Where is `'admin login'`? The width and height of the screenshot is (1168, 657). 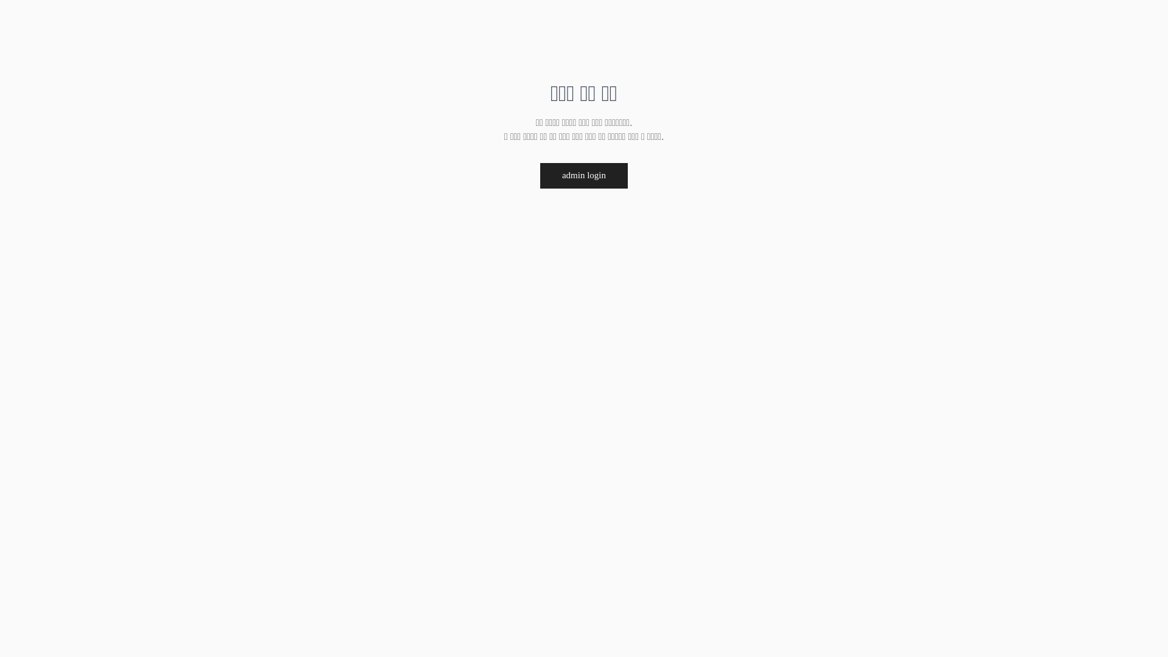
'admin login' is located at coordinates (540, 176).